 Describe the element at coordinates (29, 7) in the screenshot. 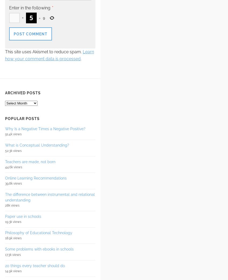

I see `'Enter in the following'` at that location.